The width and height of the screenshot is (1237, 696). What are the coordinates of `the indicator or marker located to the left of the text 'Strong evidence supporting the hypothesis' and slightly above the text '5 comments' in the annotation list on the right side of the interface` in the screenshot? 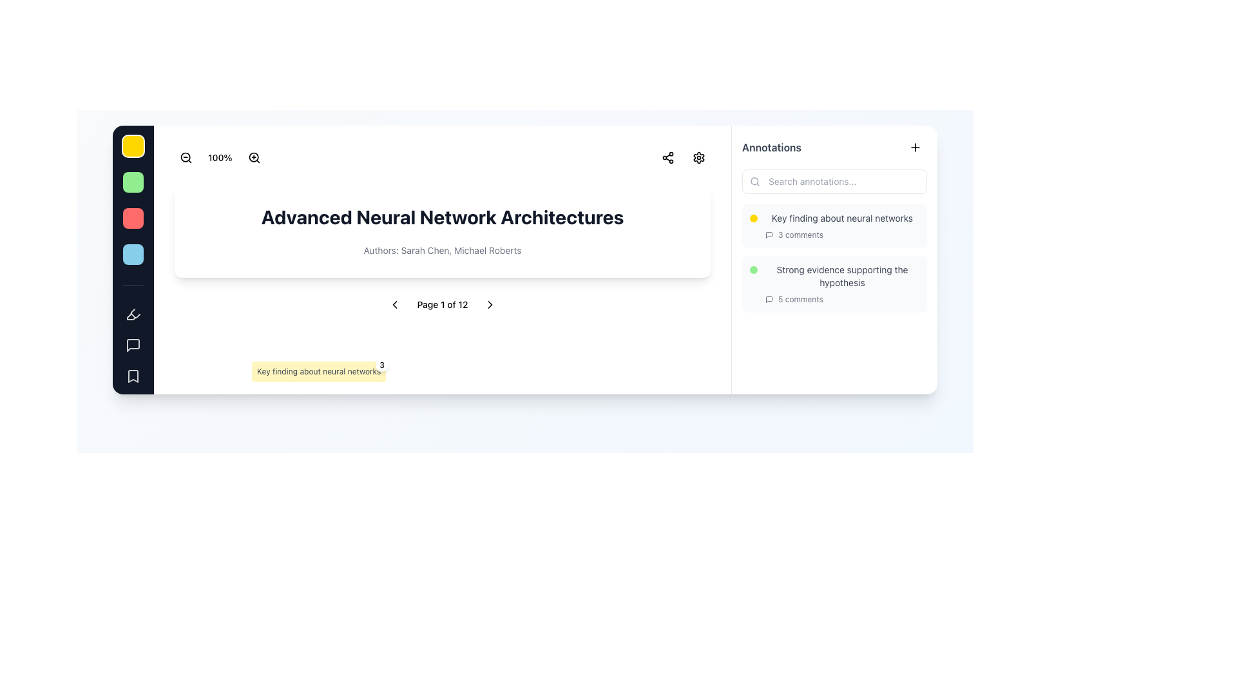 It's located at (754, 269).